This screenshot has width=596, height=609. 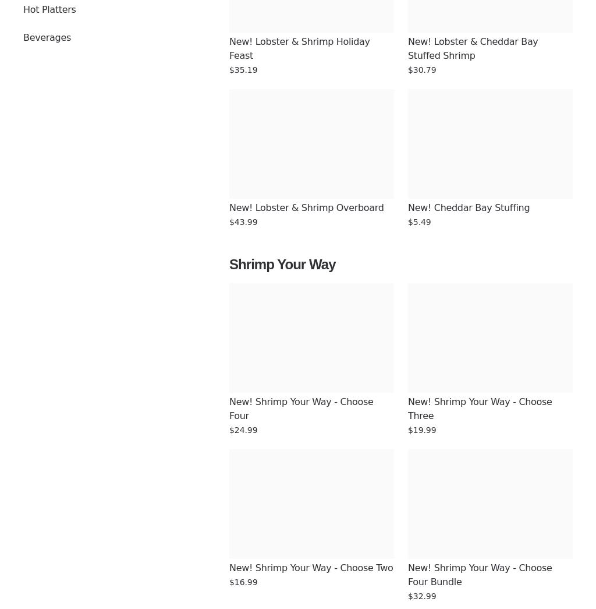 What do you see at coordinates (242, 69) in the screenshot?
I see `'$35.19'` at bounding box center [242, 69].